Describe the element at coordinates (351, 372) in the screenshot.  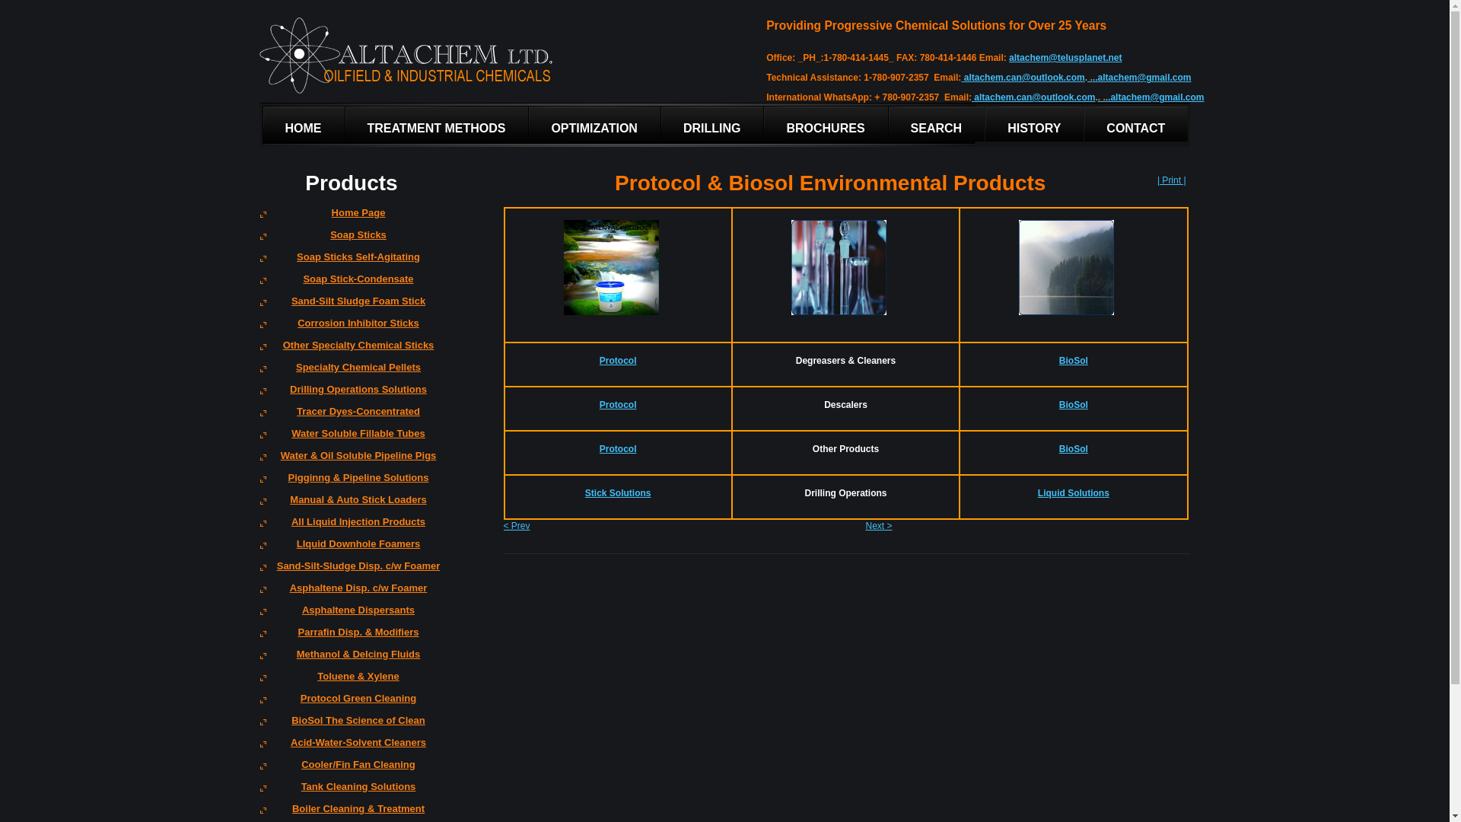
I see `'Specialty Chemical Pellets'` at that location.